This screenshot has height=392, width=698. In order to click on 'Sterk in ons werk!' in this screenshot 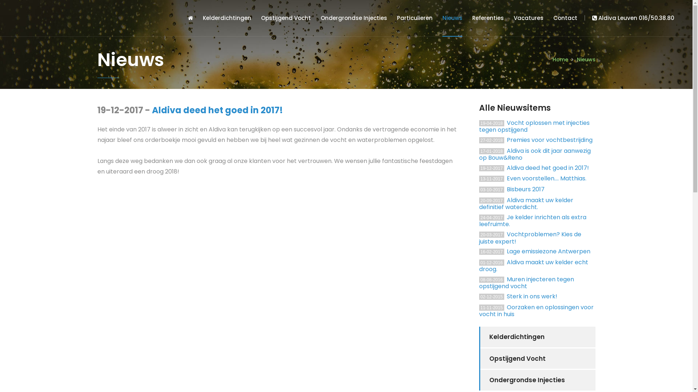, I will do `click(532, 296)`.